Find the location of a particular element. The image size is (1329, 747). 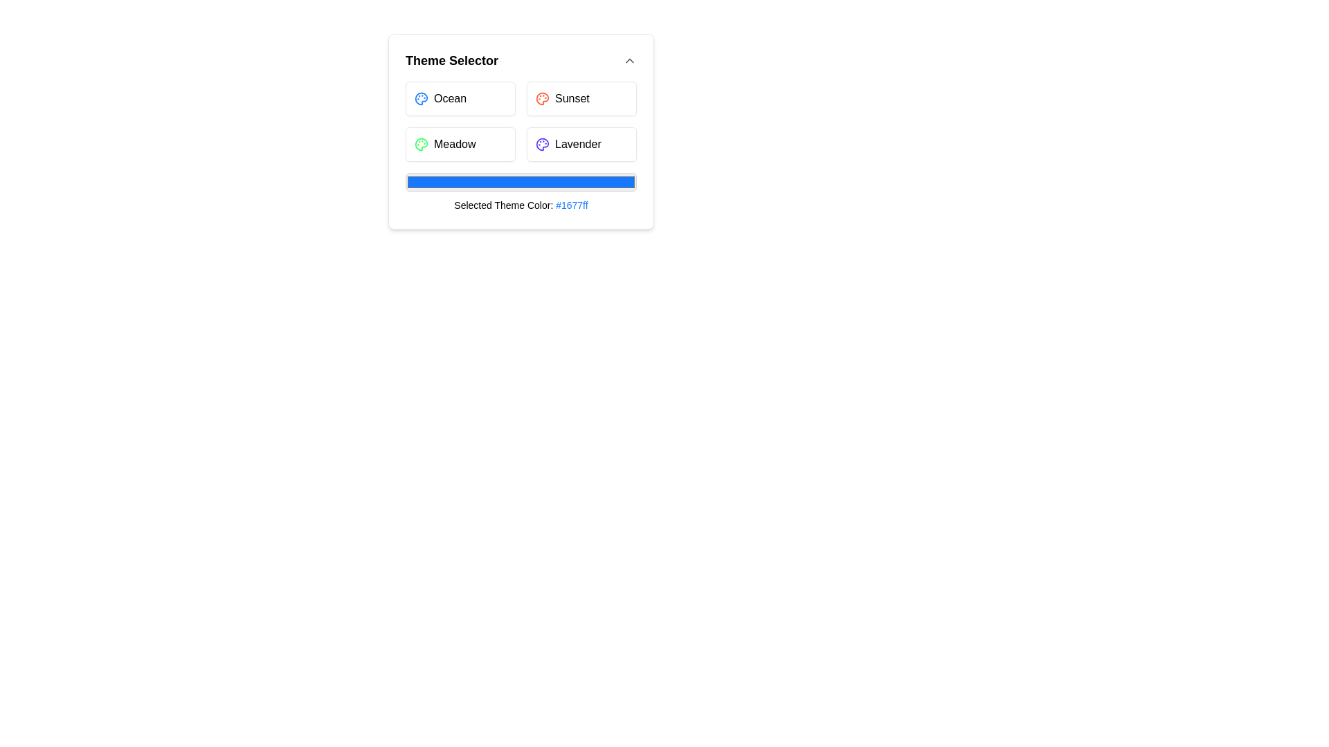

the Static Text Label that reads 'Selected Theme Color: #1677ff', which is centrally aligned below the blue color selection box is located at coordinates (521, 192).